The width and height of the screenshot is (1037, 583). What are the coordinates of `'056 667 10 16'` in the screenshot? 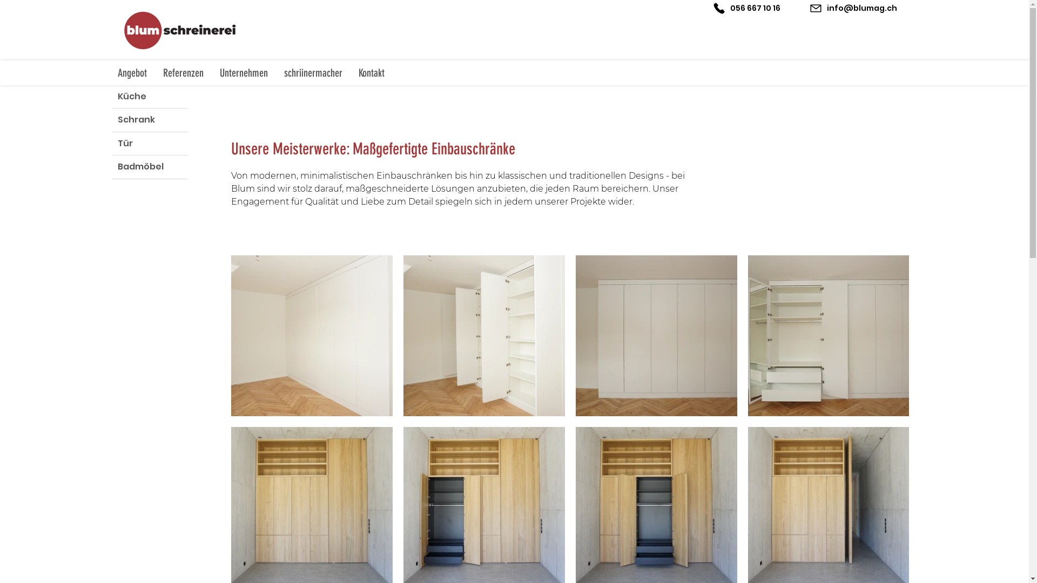 It's located at (748, 8).